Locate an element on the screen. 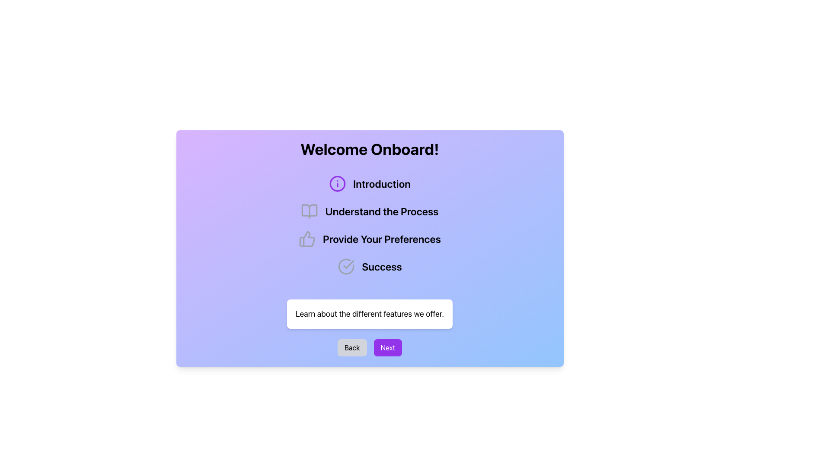  the text label that serves as a title for the step between 'Introduction' and 'Provide Your Preferences' to highlight or select it is located at coordinates (381, 211).